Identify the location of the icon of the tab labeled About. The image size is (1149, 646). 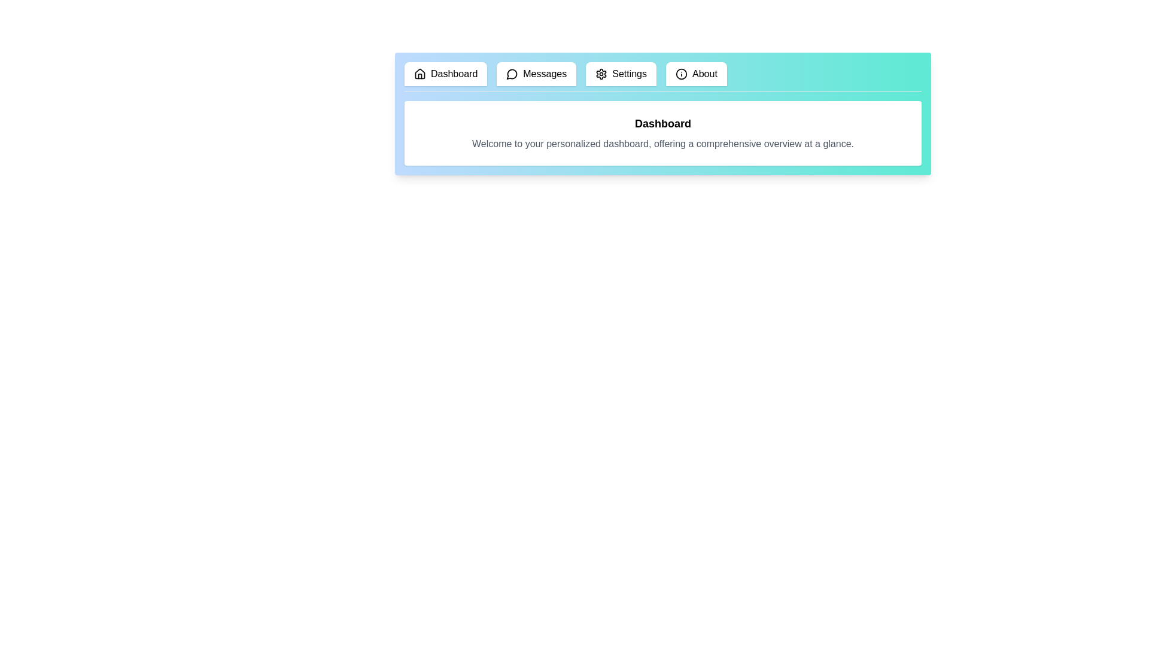
(681, 74).